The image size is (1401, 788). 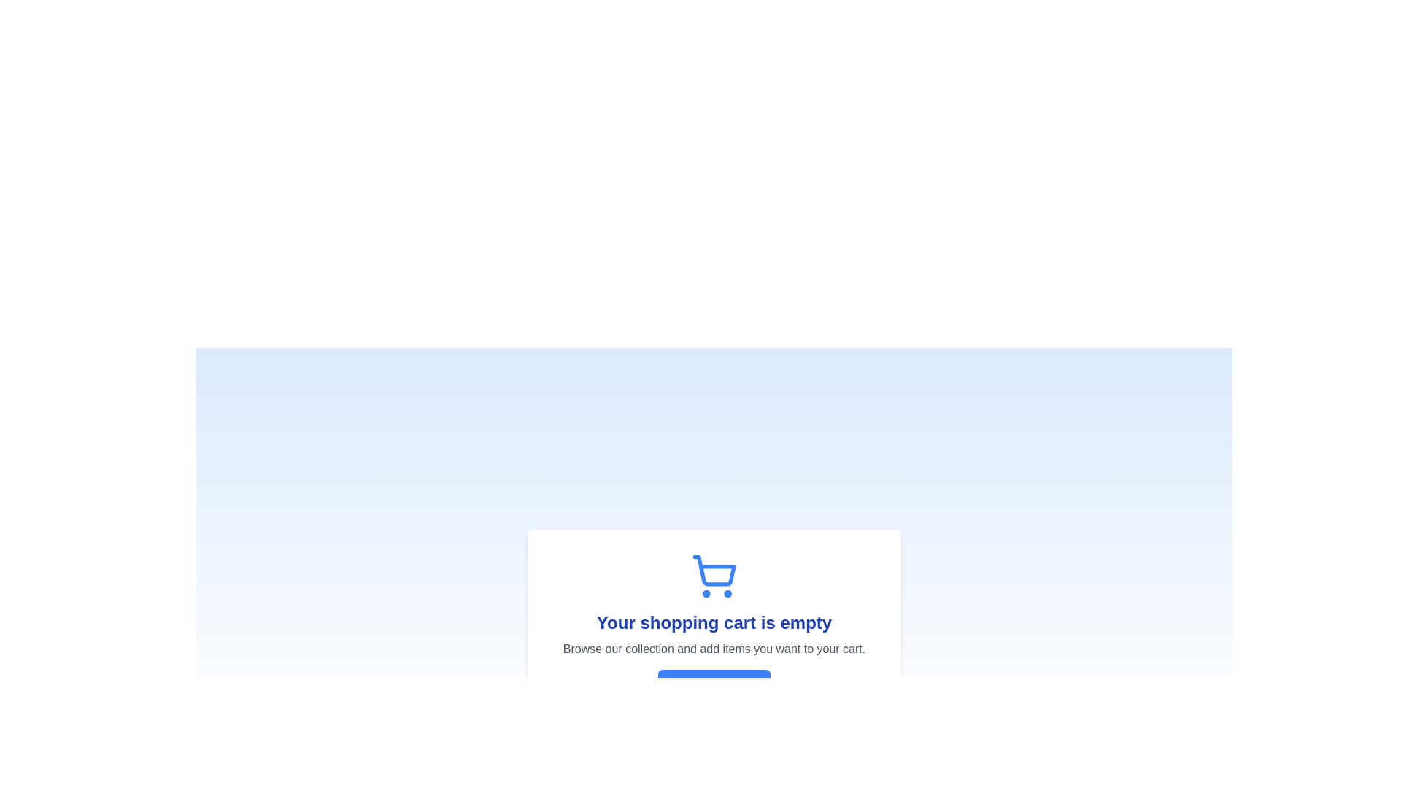 I want to click on the informational text block that reads 'Browse our collection and add items you want to your cart.', which is located below the heading 'Your shopping cart is empty' and above the 'Start Shopping' button, so click(x=714, y=649).